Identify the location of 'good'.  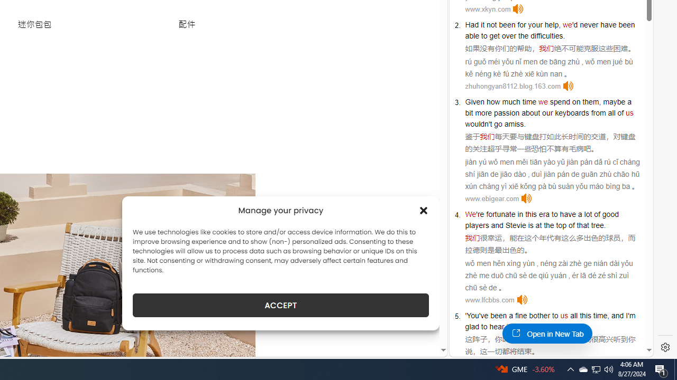
(610, 214).